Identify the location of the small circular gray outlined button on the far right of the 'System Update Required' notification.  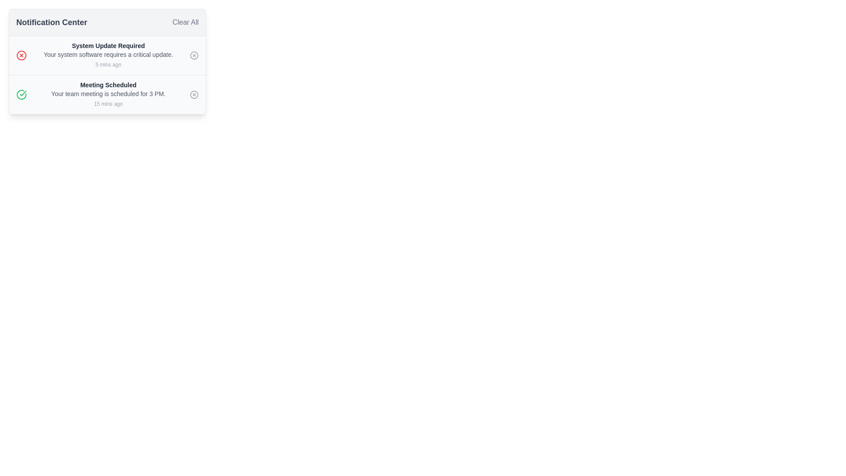
(194, 56).